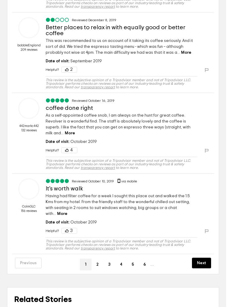  I want to click on 'ColmGLC', so click(28, 206).